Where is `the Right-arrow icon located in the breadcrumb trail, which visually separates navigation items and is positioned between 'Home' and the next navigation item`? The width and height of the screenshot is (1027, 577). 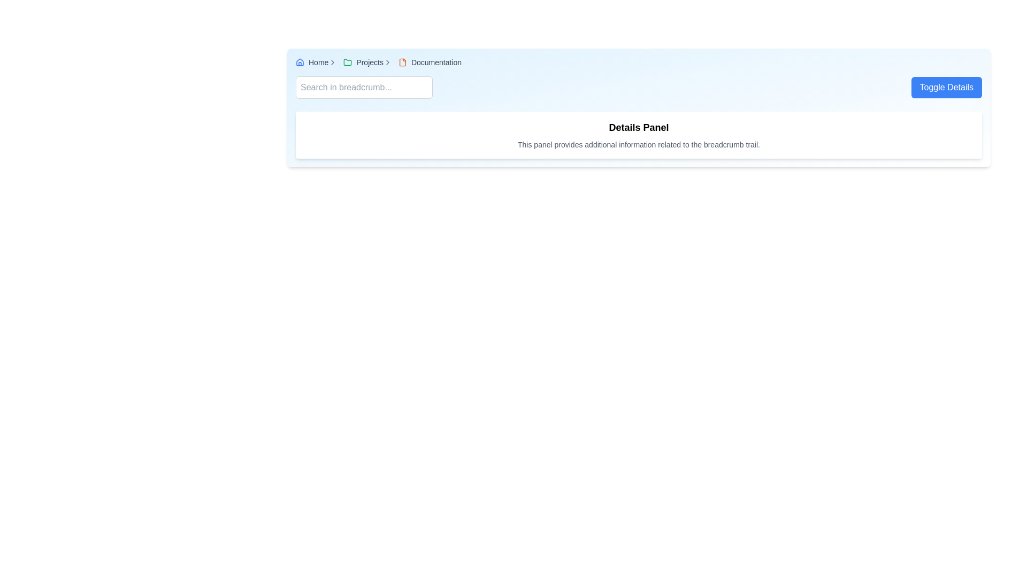
the Right-arrow icon located in the breadcrumb trail, which visually separates navigation items and is positioned between 'Home' and the next navigation item is located at coordinates (332, 62).